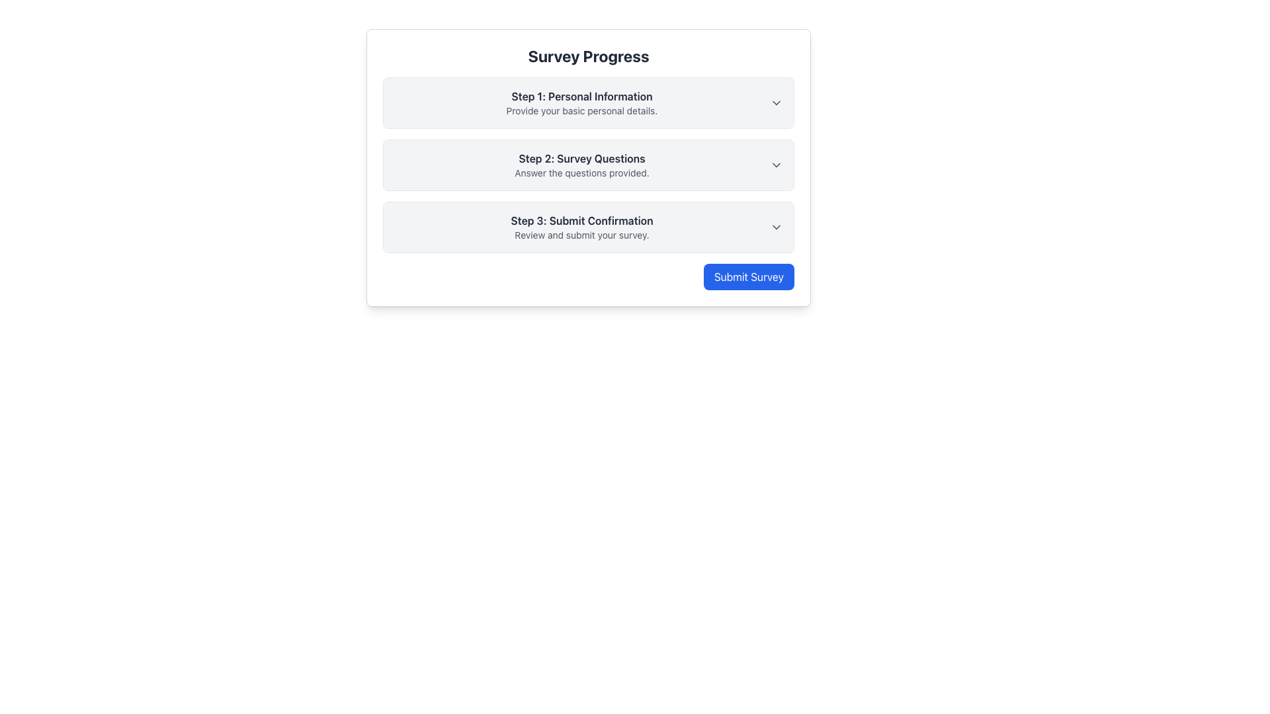 This screenshot has width=1270, height=714. I want to click on the text element that says 'Review and submit your survey.' which is styled with a small gray font and positioned beneath the heading 'Step 3: Submit Confirmation', so click(581, 234).